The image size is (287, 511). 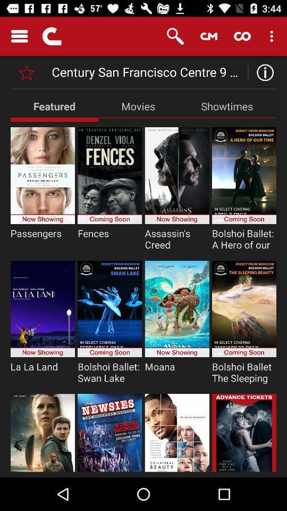 What do you see at coordinates (148, 72) in the screenshot?
I see `century san francisco icon` at bounding box center [148, 72].